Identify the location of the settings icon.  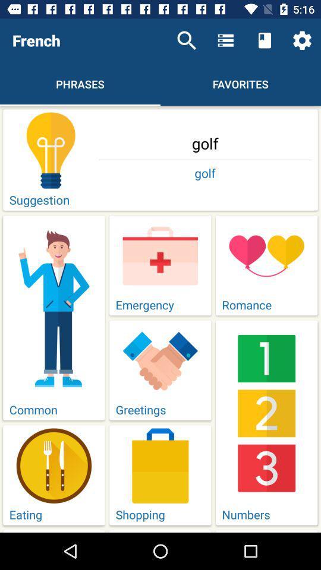
(302, 40).